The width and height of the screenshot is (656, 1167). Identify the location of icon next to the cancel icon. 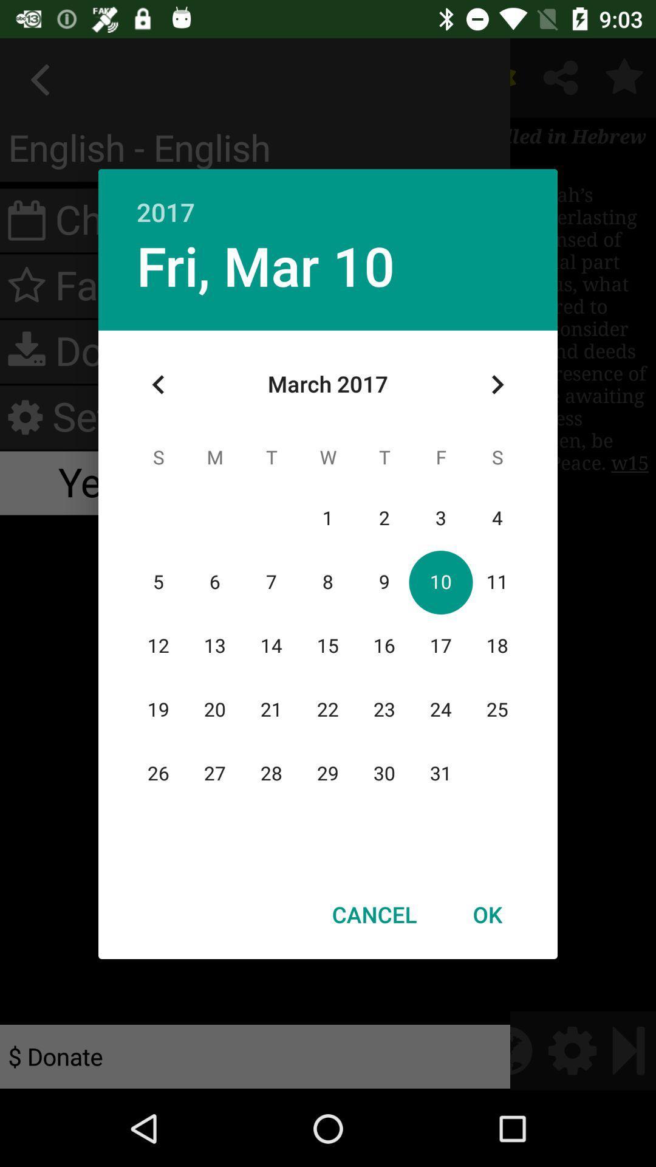
(487, 914).